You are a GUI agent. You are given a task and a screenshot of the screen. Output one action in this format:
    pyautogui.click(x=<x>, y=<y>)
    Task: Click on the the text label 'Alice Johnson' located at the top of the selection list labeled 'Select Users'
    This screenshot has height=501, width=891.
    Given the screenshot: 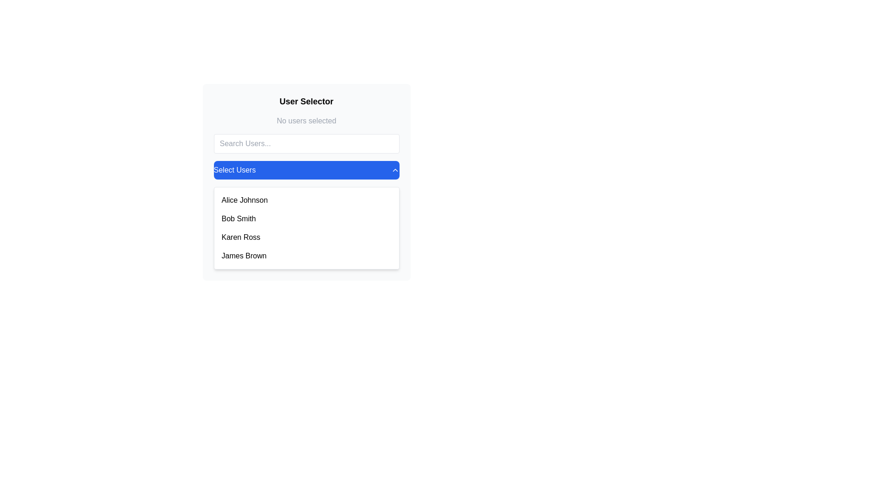 What is the action you would take?
    pyautogui.click(x=245, y=200)
    